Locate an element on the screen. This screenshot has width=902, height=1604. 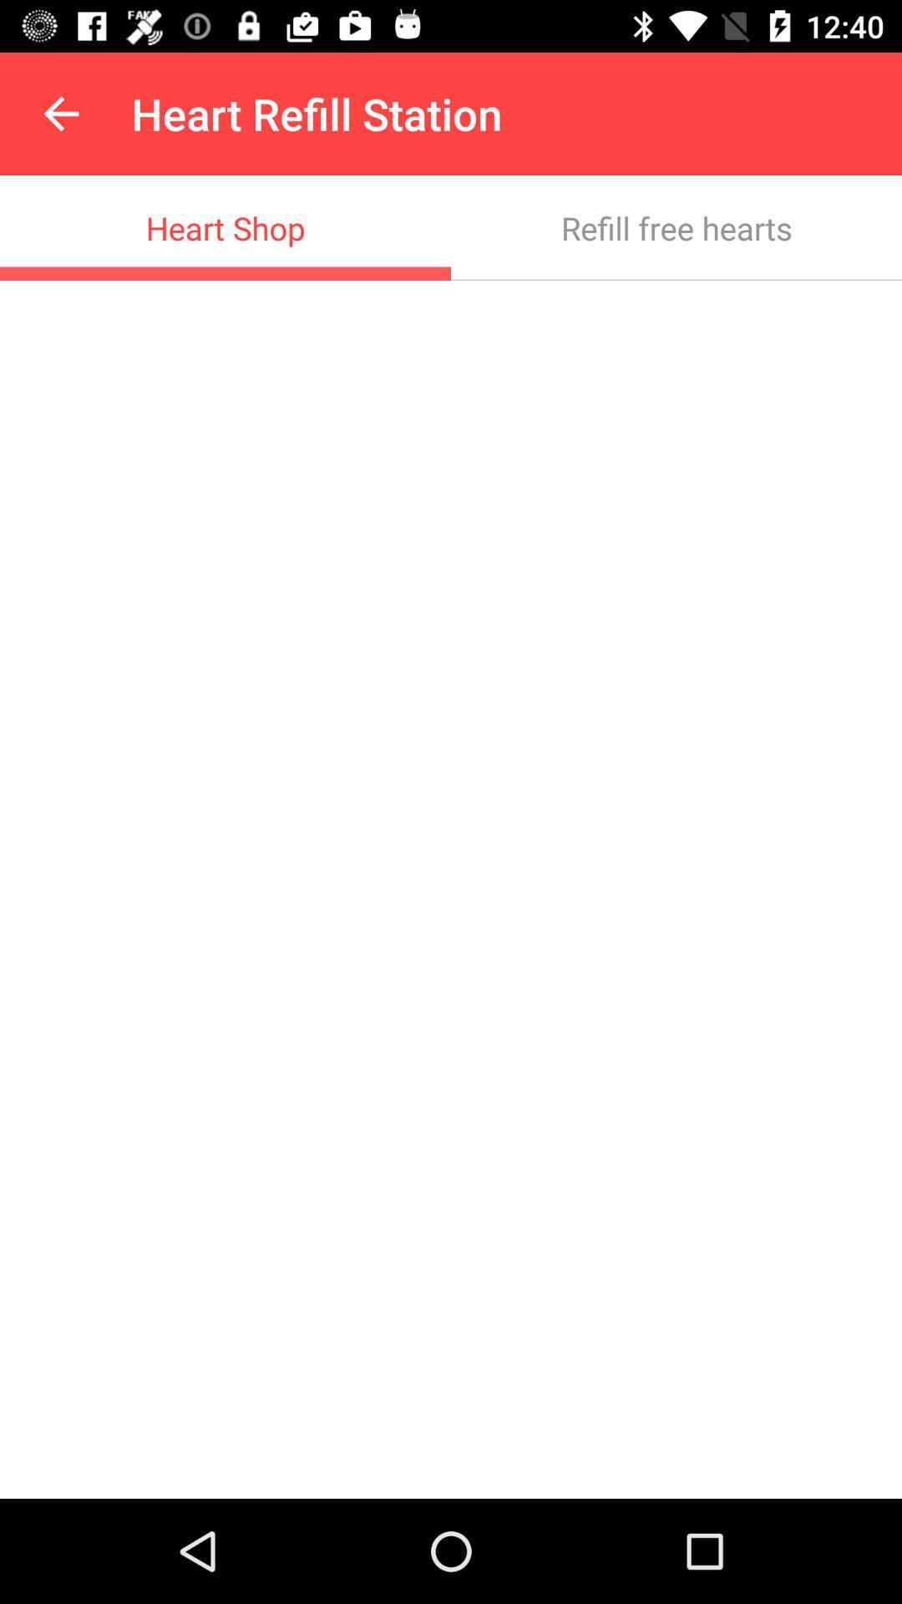
the item at the center is located at coordinates (451, 889).